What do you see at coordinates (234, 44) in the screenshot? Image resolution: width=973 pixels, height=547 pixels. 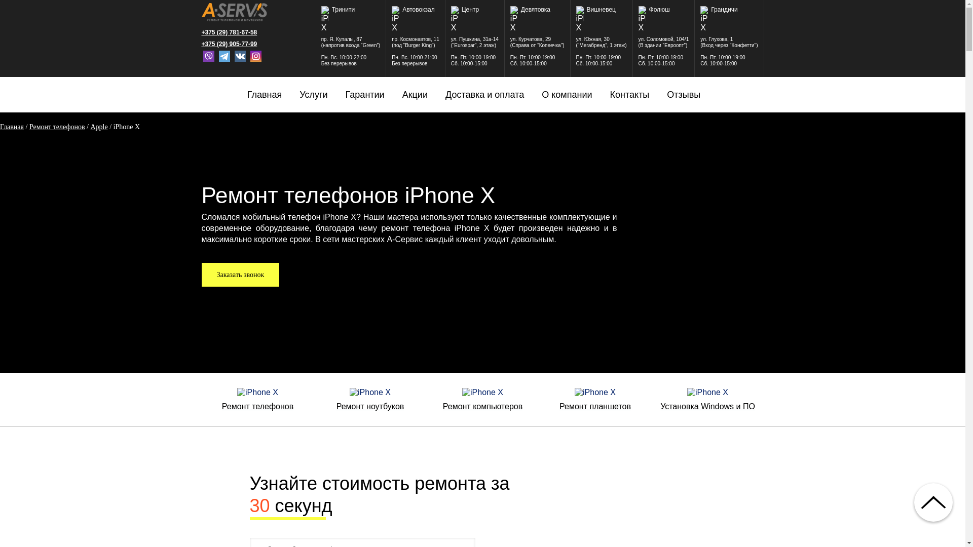 I see `'+375 (29) 905-77-99'` at bounding box center [234, 44].